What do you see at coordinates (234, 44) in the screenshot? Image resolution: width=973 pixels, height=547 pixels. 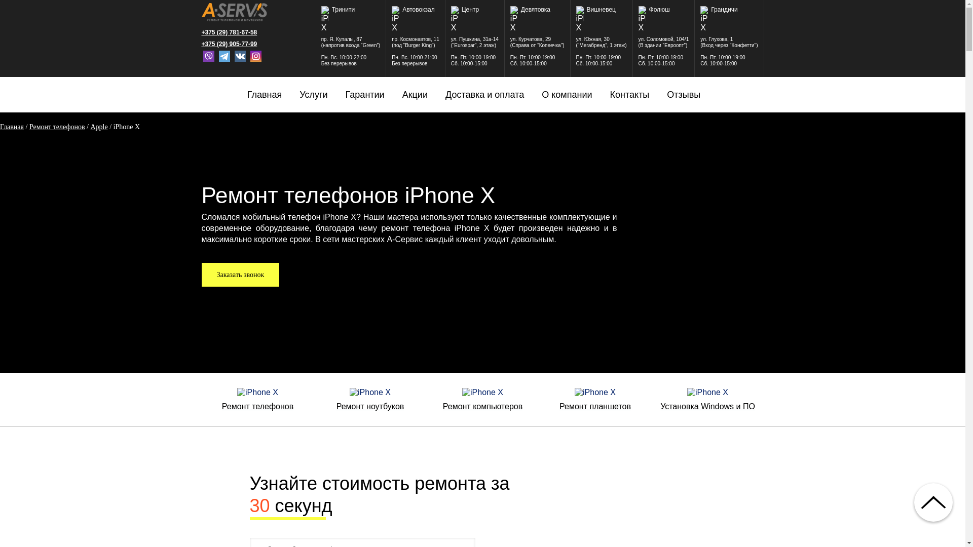 I see `'+375 (29) 905-77-99'` at bounding box center [234, 44].